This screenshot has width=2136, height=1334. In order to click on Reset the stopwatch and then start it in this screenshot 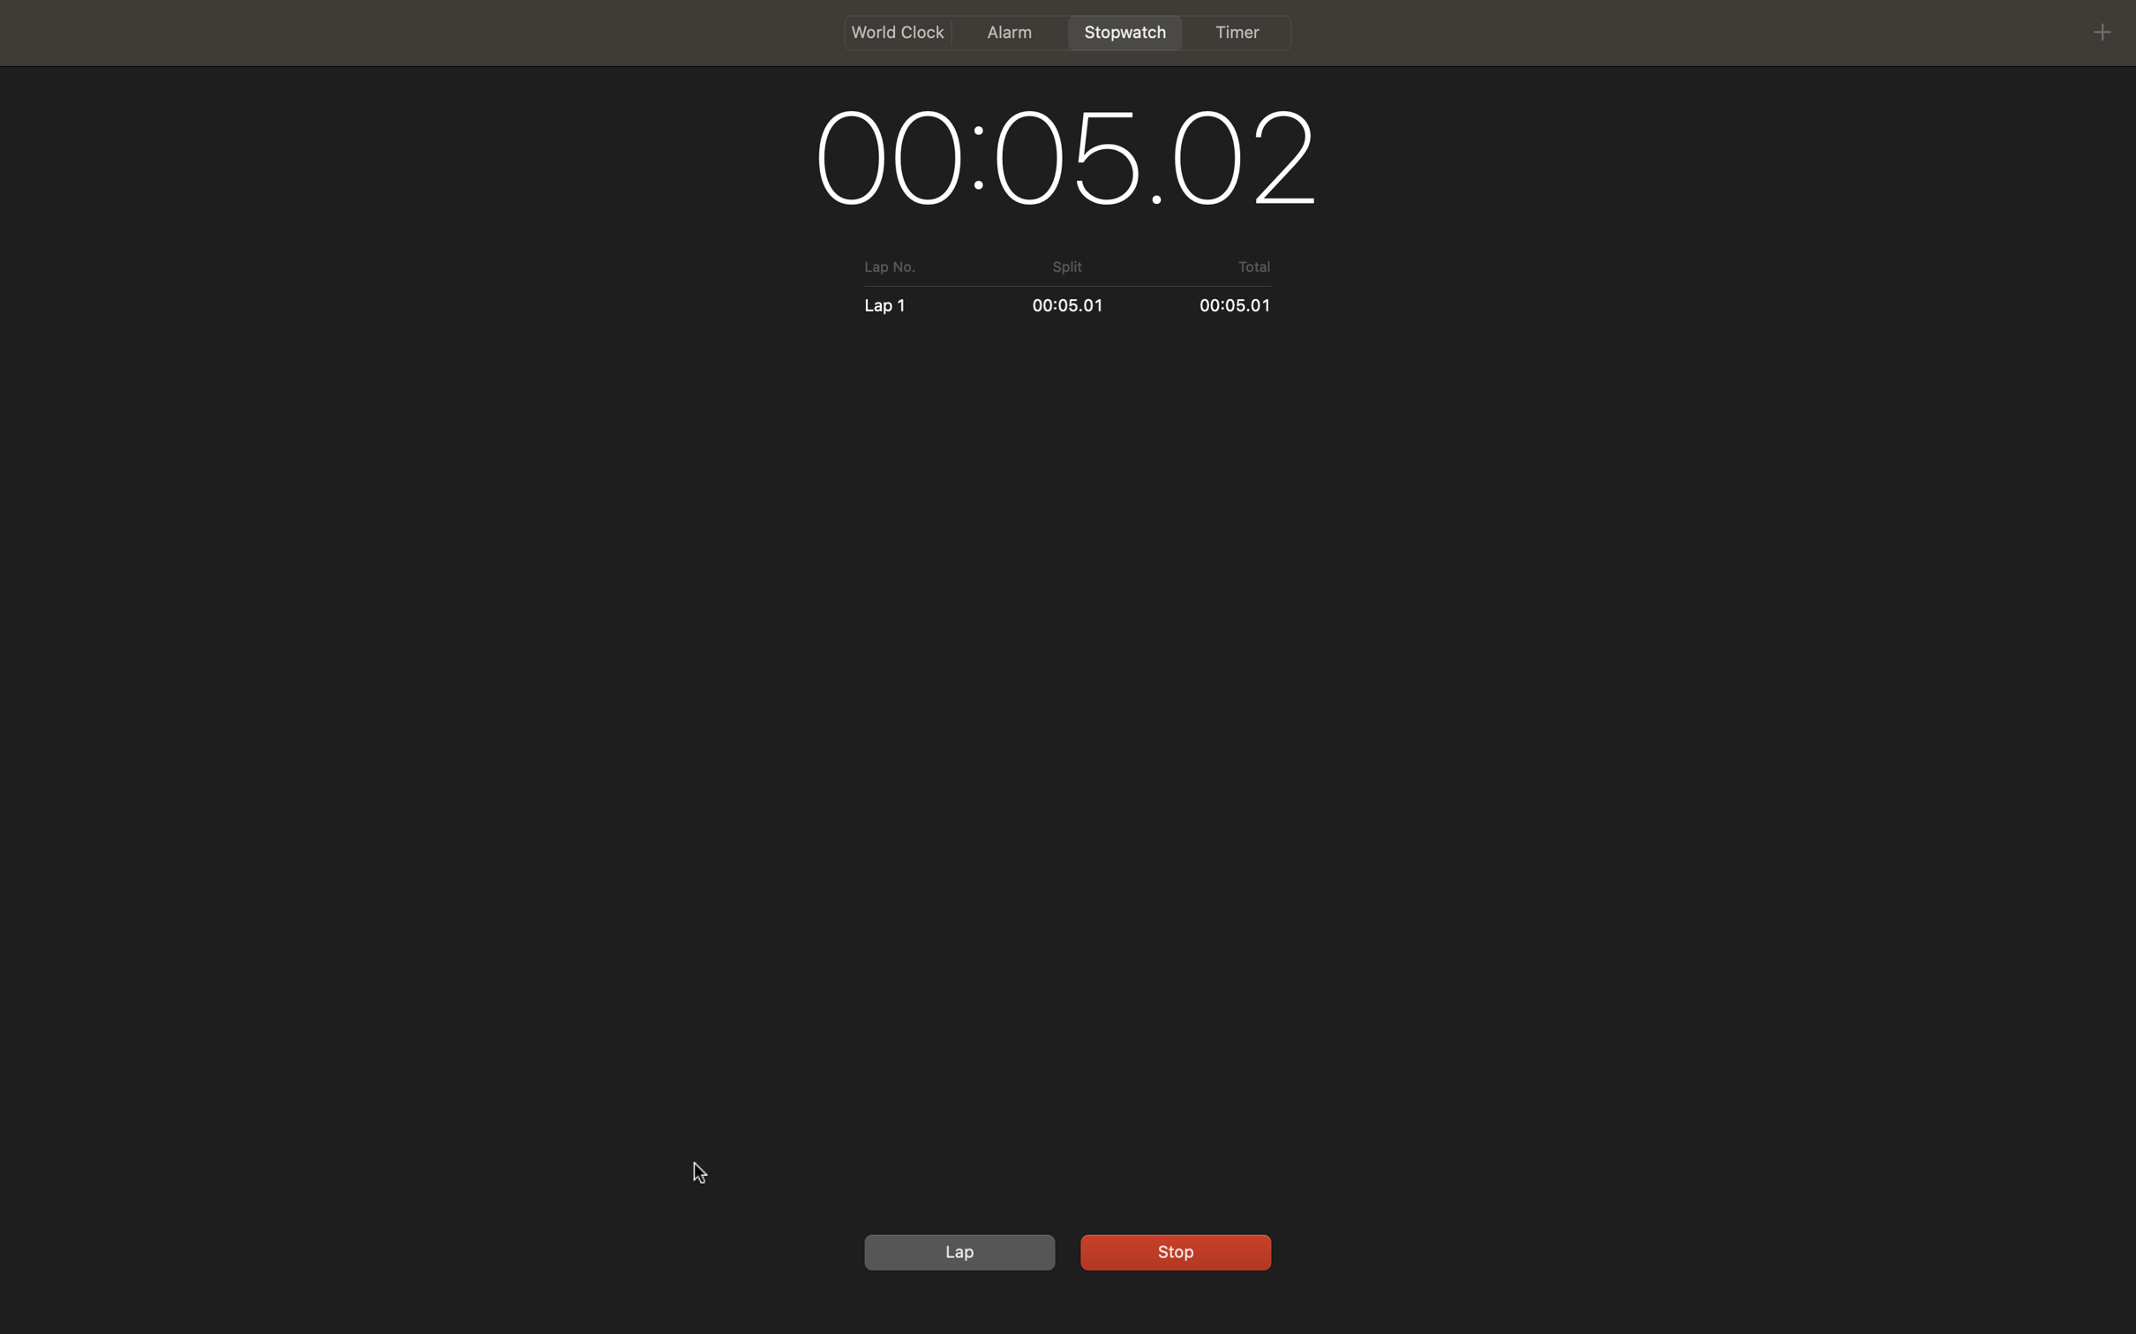, I will do `click(956, 1251)`.